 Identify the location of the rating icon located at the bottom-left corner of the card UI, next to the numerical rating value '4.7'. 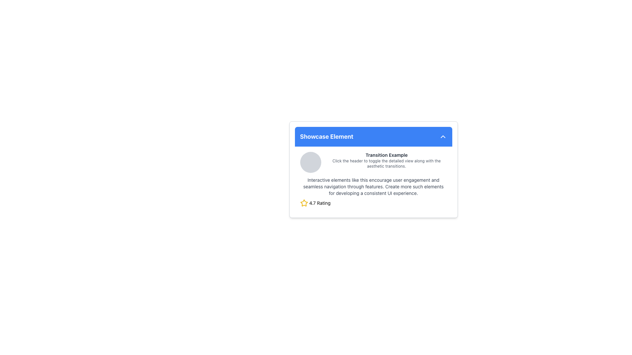
(303, 202).